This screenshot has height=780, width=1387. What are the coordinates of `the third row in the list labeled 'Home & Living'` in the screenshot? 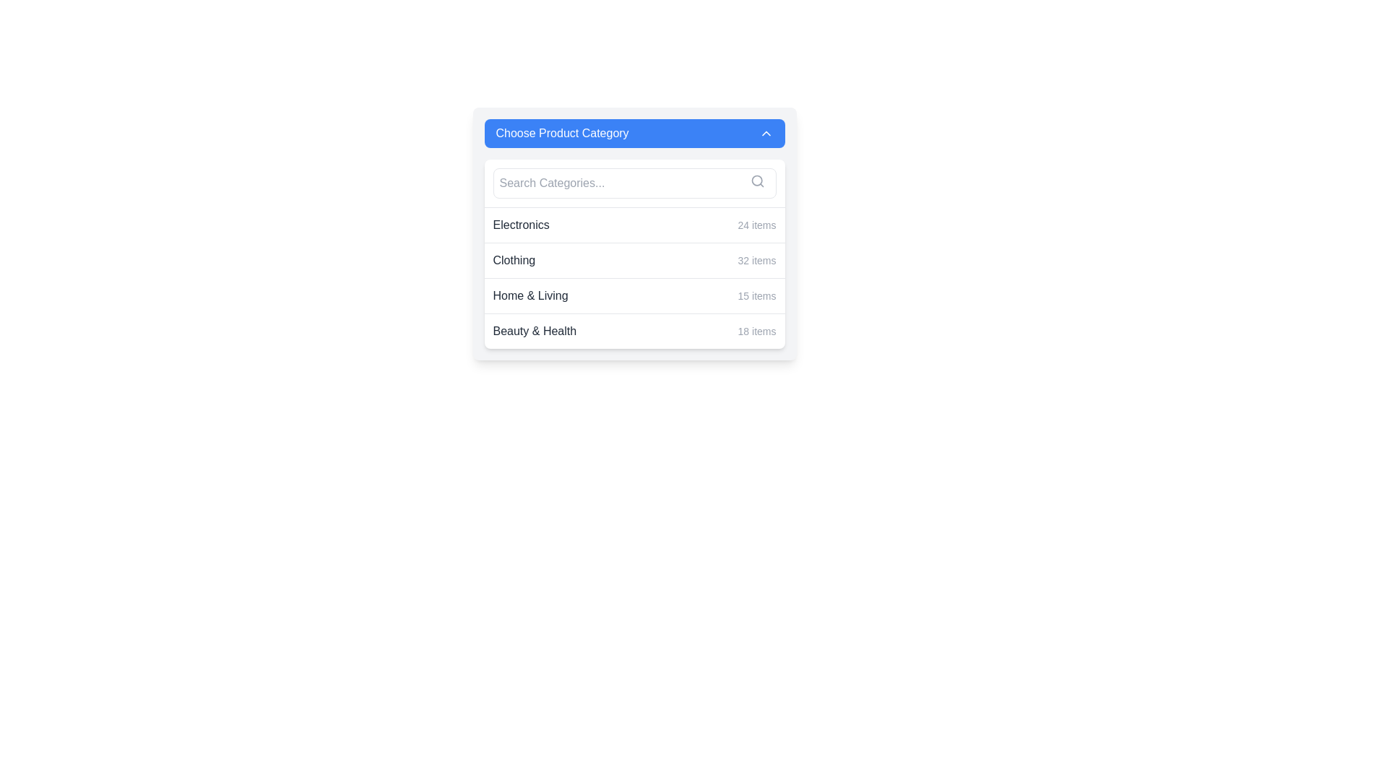 It's located at (634, 295).